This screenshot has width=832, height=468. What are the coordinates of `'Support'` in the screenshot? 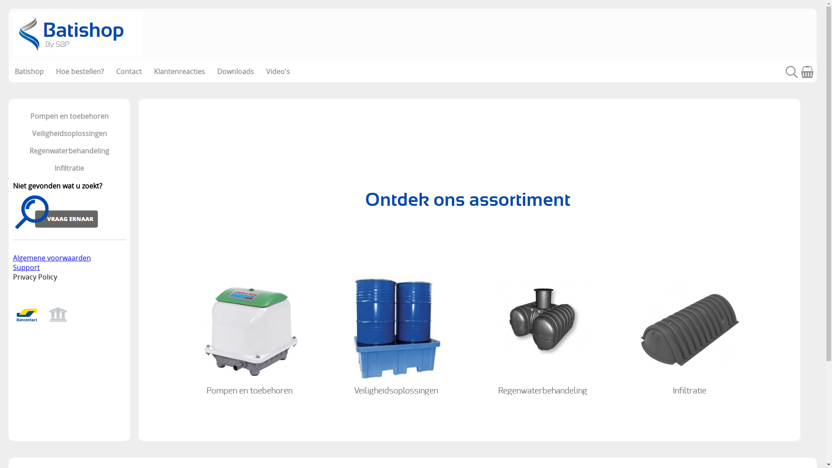 It's located at (26, 267).